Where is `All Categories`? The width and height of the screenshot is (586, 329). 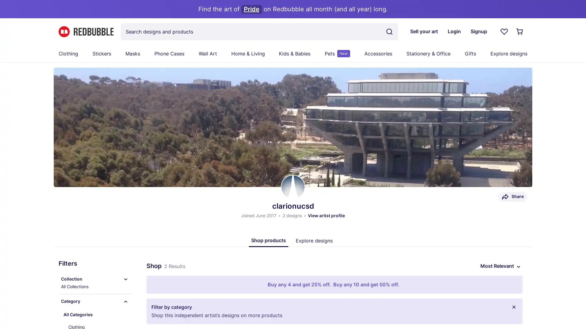 All Categories is located at coordinates (95, 315).